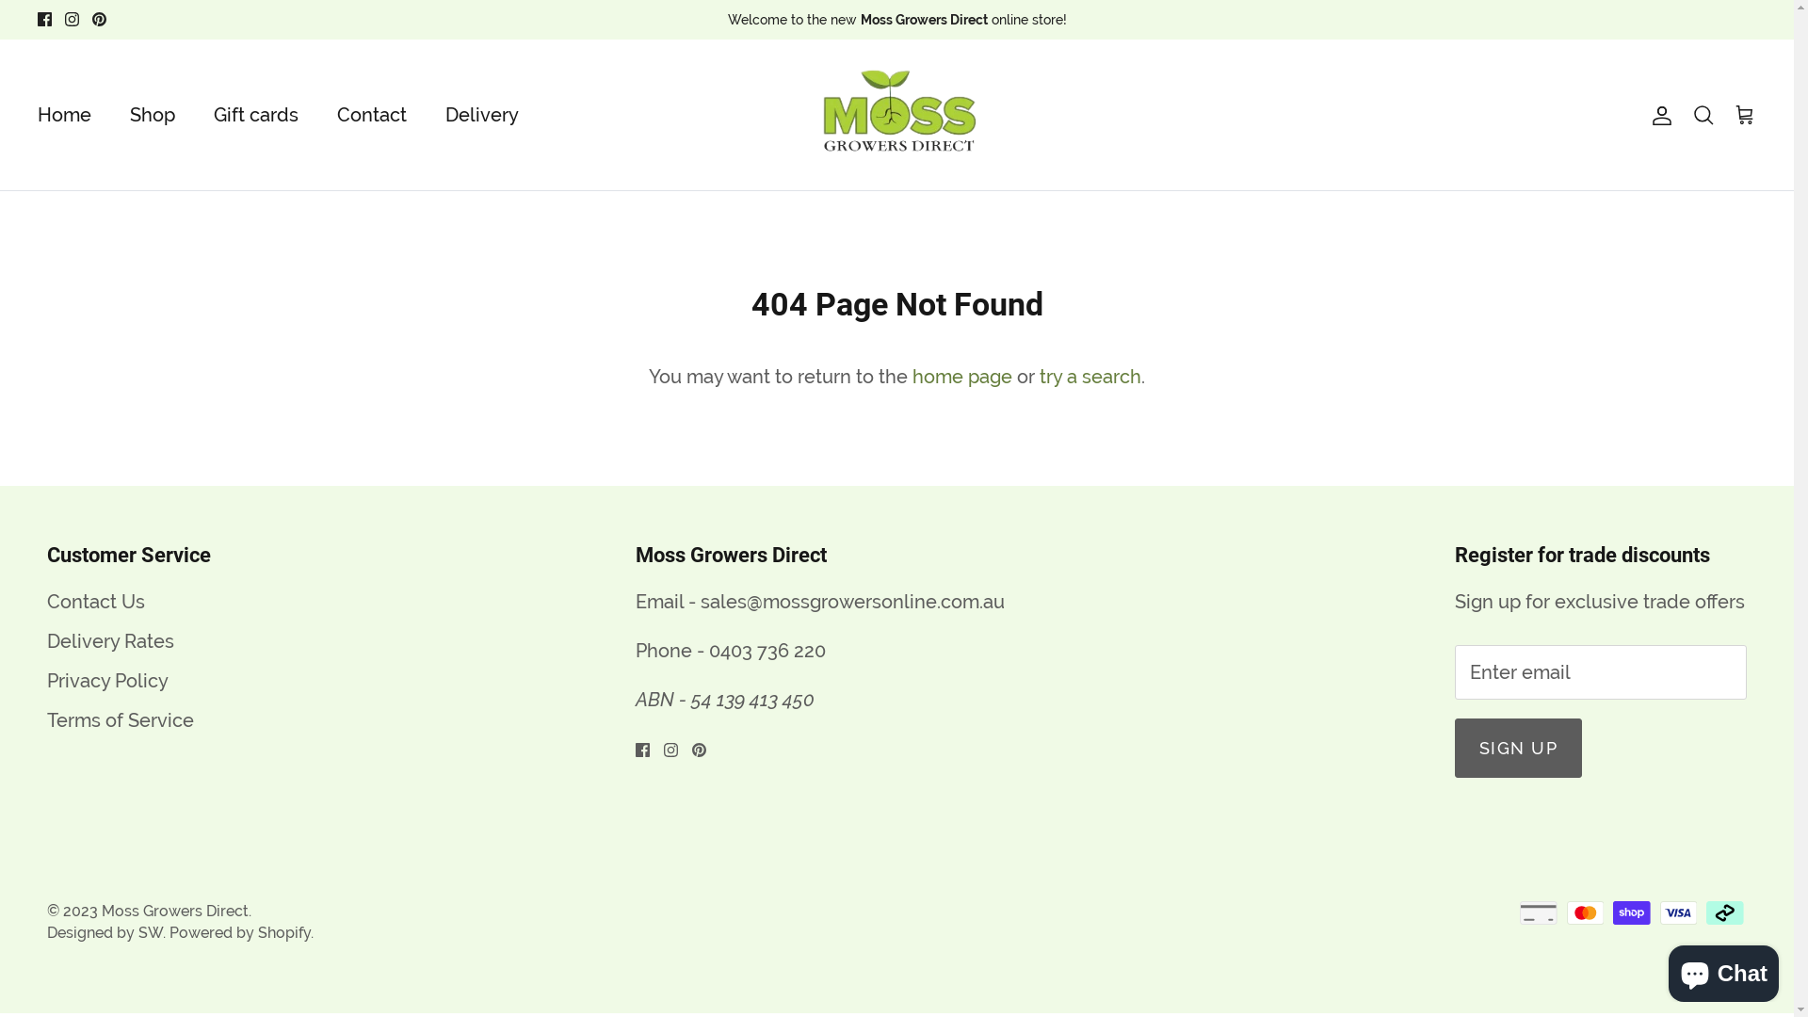 This screenshot has width=1808, height=1017. Describe the element at coordinates (801, 115) in the screenshot. I see `'Moss Growers Direct'` at that location.